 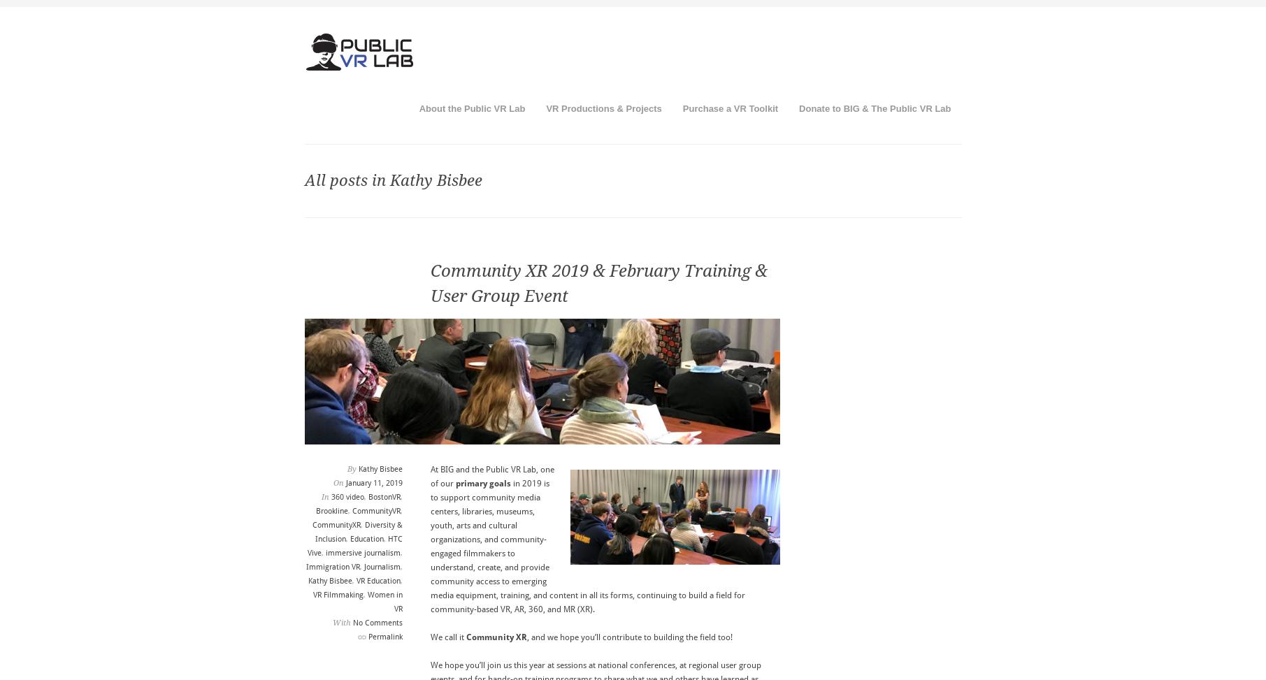 What do you see at coordinates (381, 566) in the screenshot?
I see `'Journalism'` at bounding box center [381, 566].